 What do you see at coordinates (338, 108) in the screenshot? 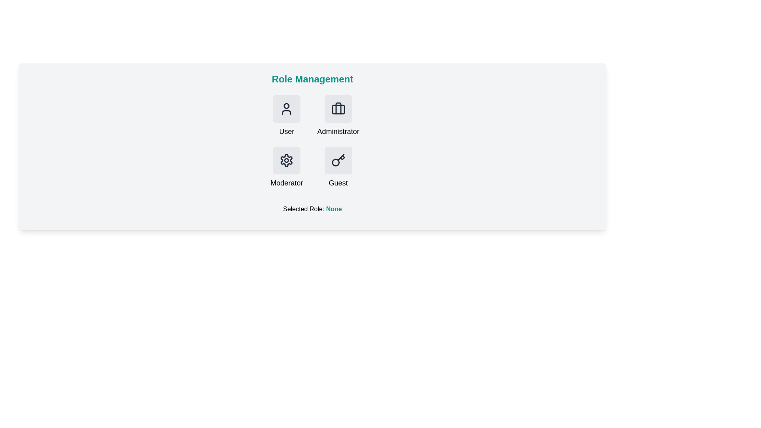
I see `the vector graphic element that represents a specific role or function, located in the top right of a 2x2 grid below the 'Role Management' title` at bounding box center [338, 108].